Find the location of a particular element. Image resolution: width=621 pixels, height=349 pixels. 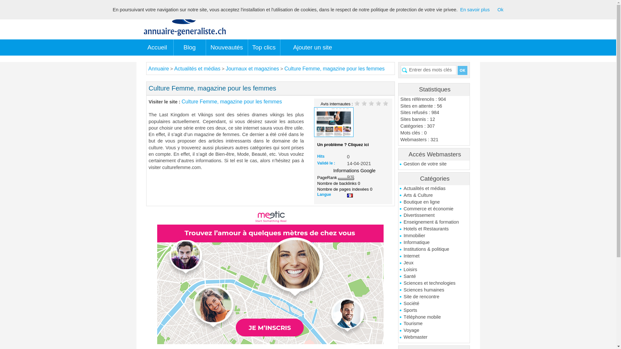

'2' is located at coordinates (364, 103).